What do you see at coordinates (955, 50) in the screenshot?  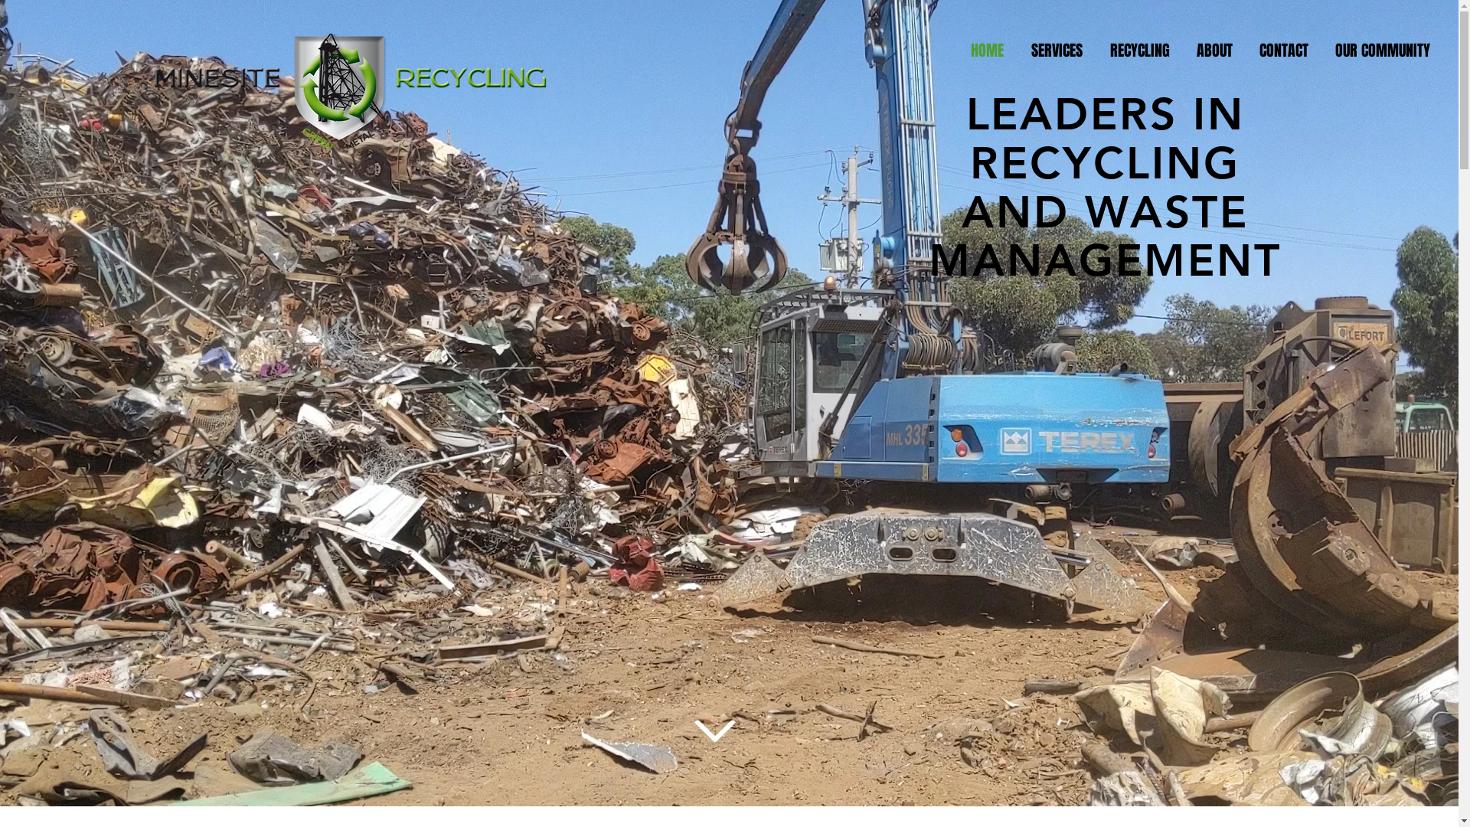 I see `'HOME'` at bounding box center [955, 50].